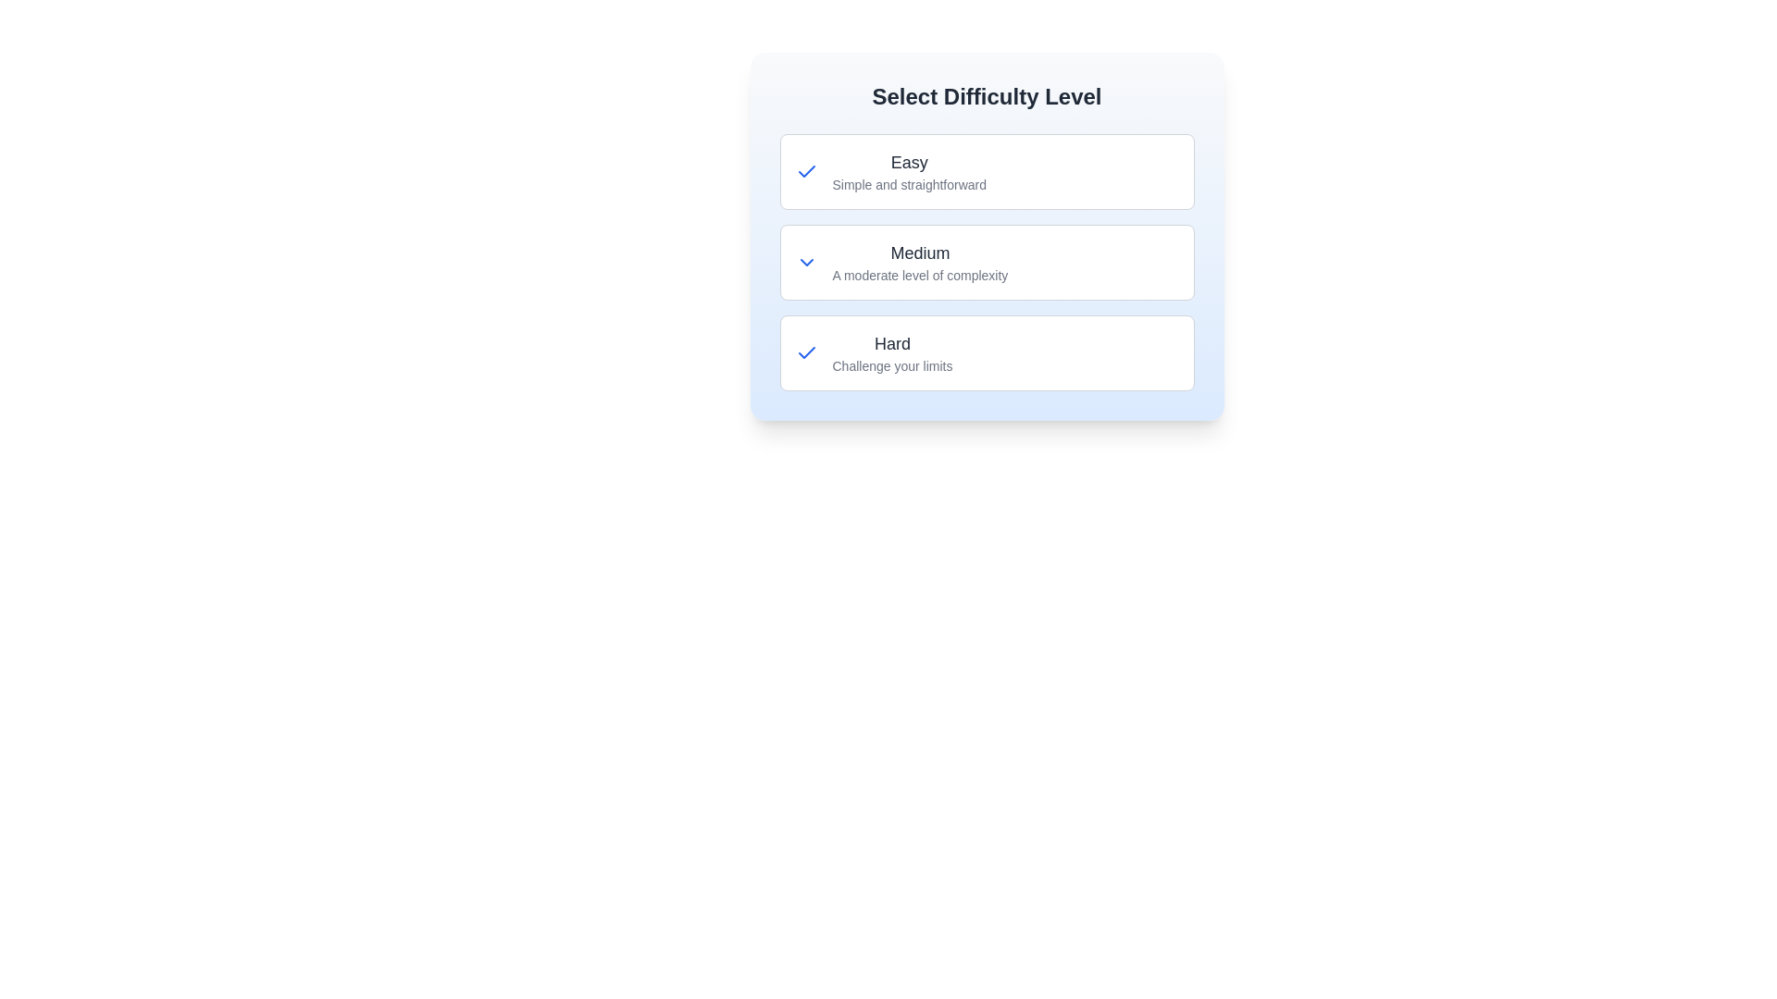 The image size is (1777, 999). What do you see at coordinates (806, 352) in the screenshot?
I see `the checkmark icon that indicates the 'Hard' difficulty level, located inside the third selection item of the interface` at bounding box center [806, 352].